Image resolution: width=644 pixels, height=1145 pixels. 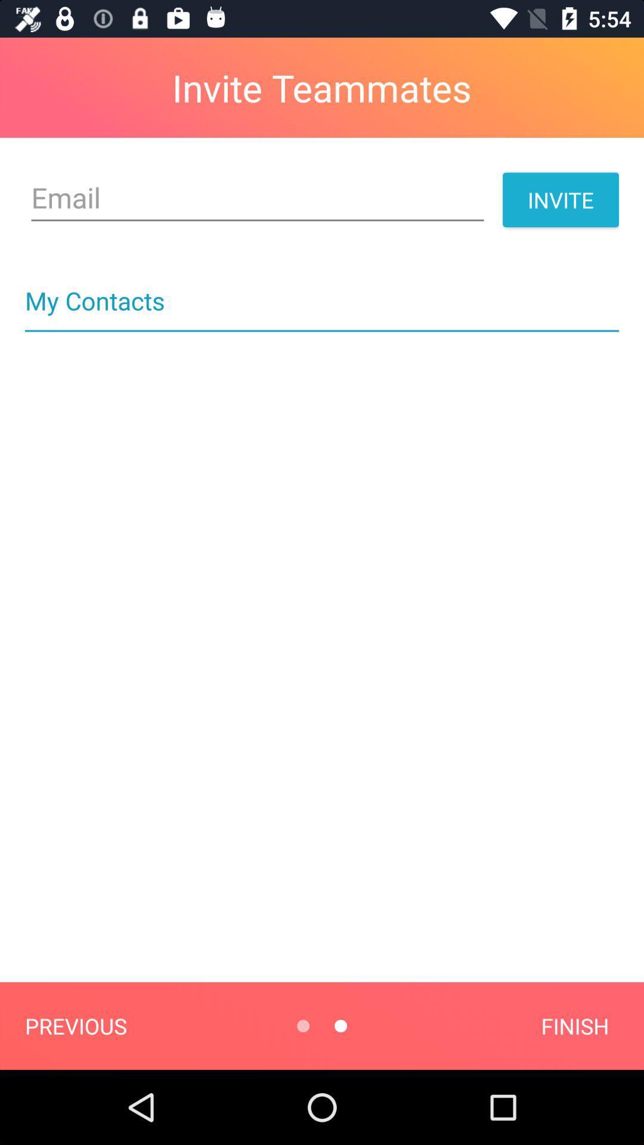 I want to click on previous icon, so click(x=76, y=1025).